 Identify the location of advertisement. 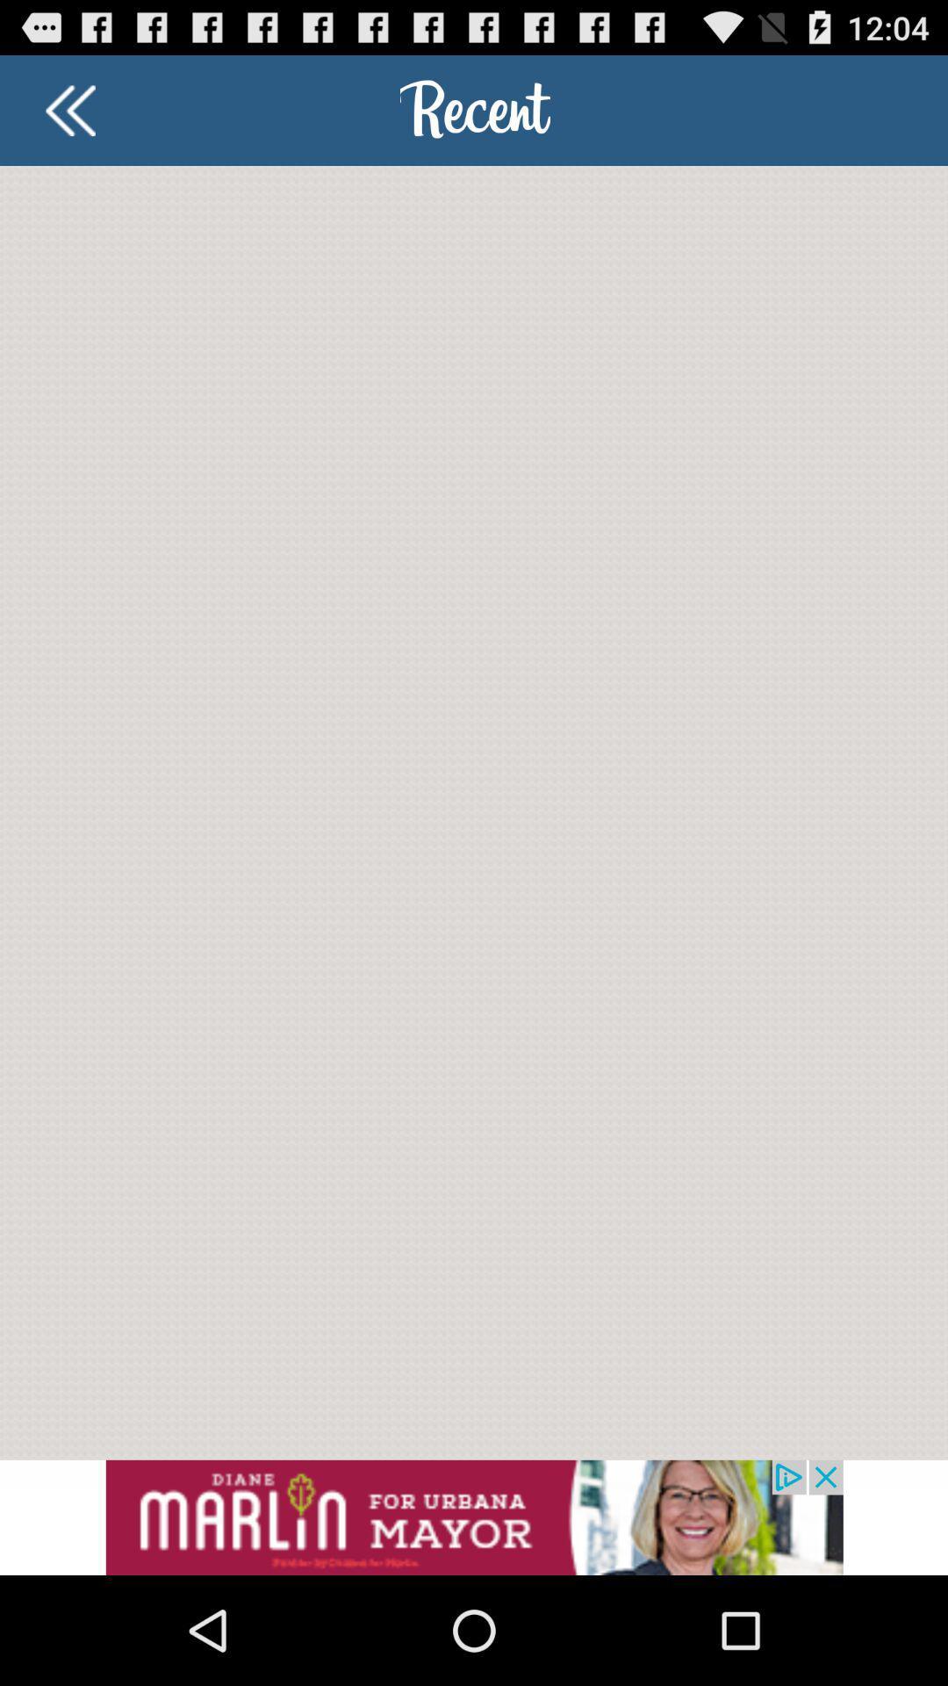
(474, 1517).